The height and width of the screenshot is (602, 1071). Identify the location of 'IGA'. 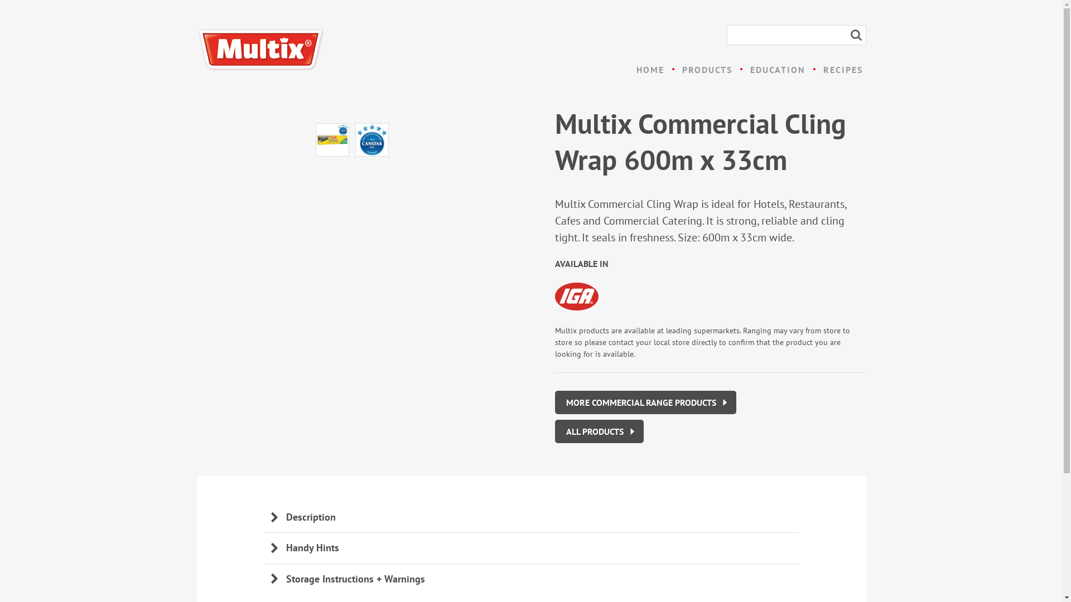
(576, 296).